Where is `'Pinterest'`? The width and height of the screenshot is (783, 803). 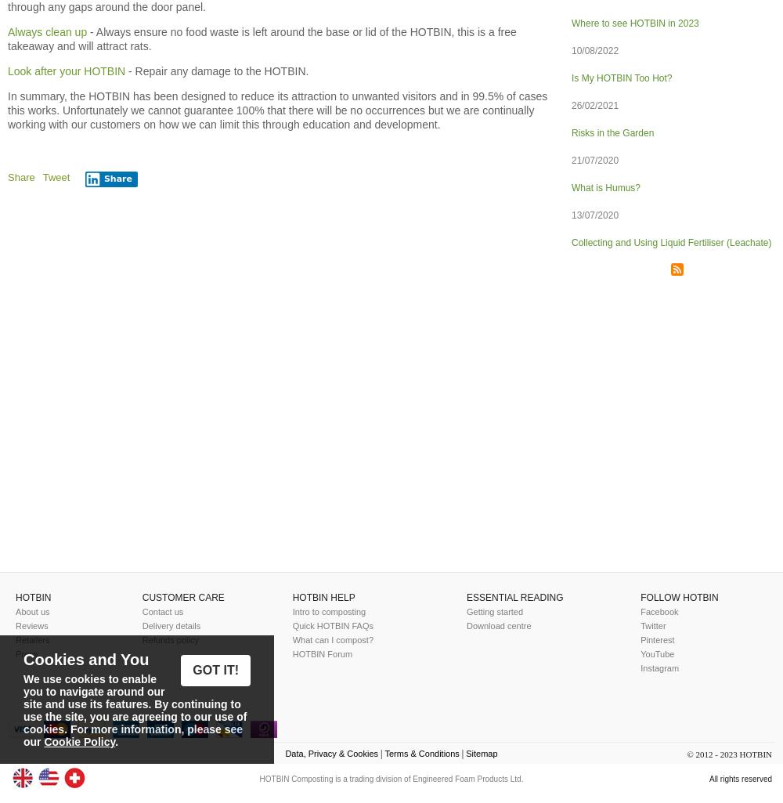 'Pinterest' is located at coordinates (656, 639).